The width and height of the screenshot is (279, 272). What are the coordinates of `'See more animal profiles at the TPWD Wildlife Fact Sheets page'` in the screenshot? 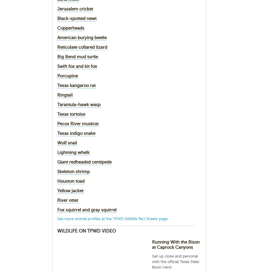 It's located at (112, 219).